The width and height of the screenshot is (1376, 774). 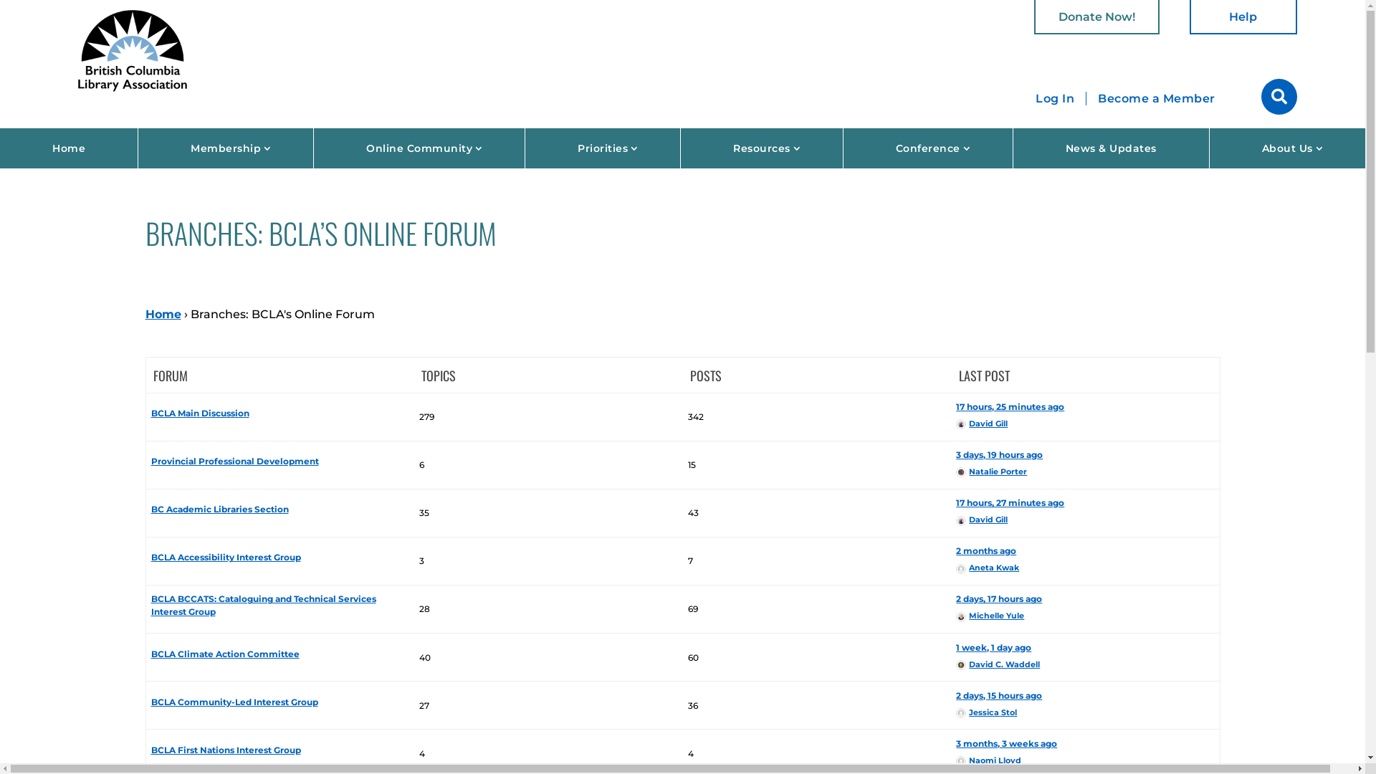 What do you see at coordinates (68, 148) in the screenshot?
I see `'Home'` at bounding box center [68, 148].